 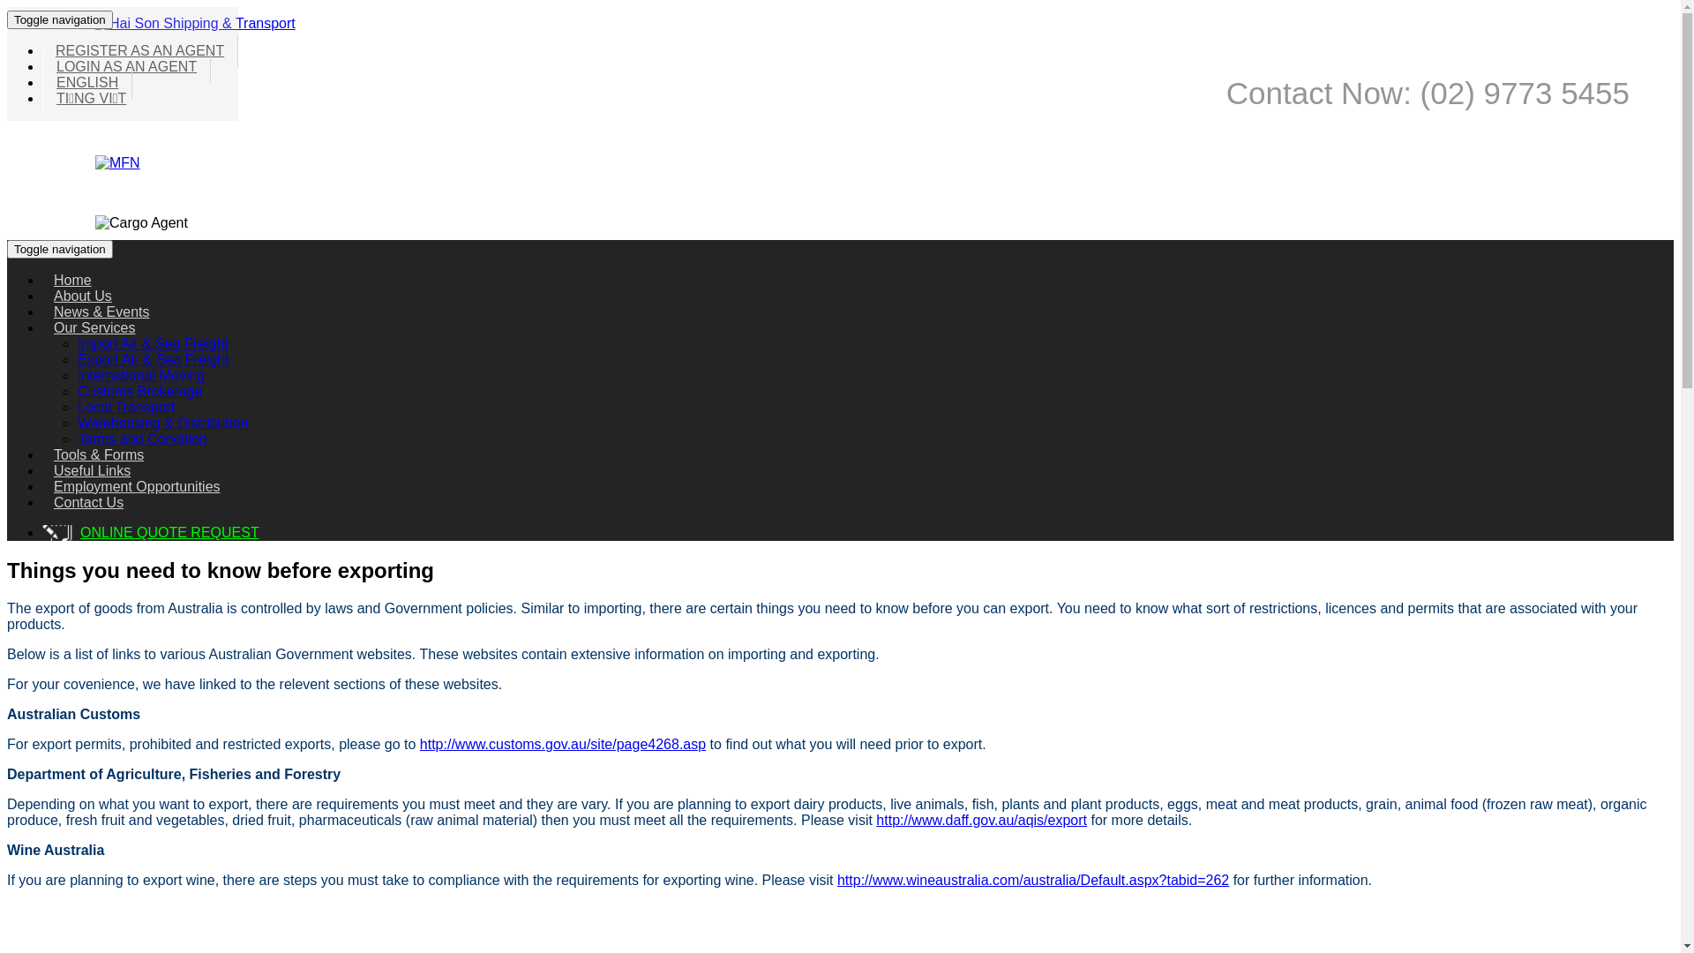 What do you see at coordinates (162, 423) in the screenshot?
I see `'Warehousing & Distribution'` at bounding box center [162, 423].